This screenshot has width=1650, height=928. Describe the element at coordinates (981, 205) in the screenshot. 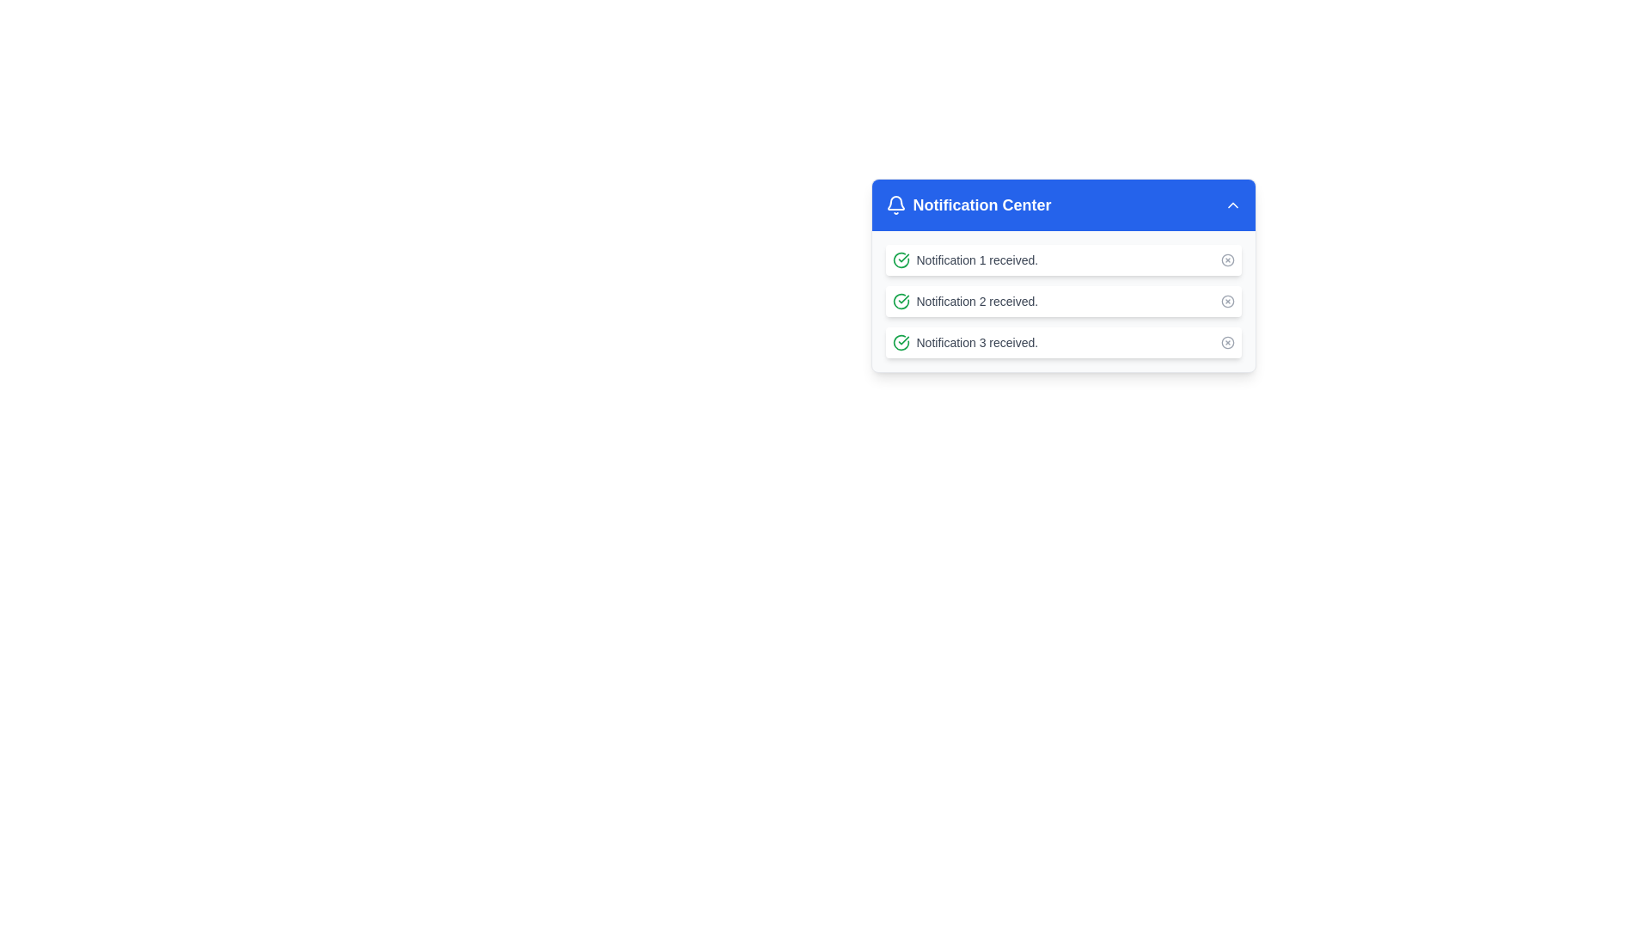

I see `the 'Notification Center' text label, which serves as the title of the notification section, located next to the left-side icon` at that location.